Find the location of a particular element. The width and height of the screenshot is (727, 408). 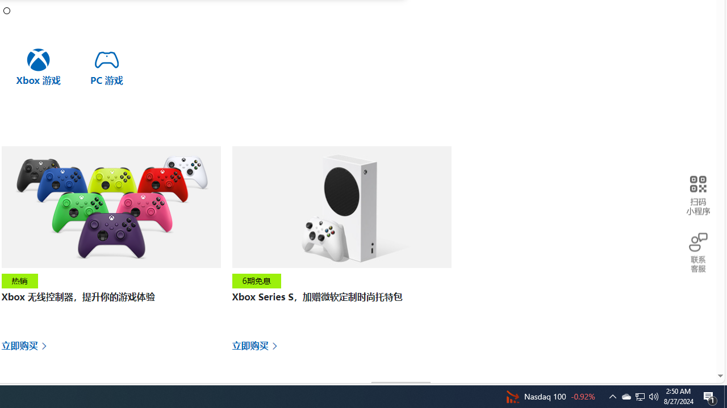

'Go to slide 3' is located at coordinates (7, 10).